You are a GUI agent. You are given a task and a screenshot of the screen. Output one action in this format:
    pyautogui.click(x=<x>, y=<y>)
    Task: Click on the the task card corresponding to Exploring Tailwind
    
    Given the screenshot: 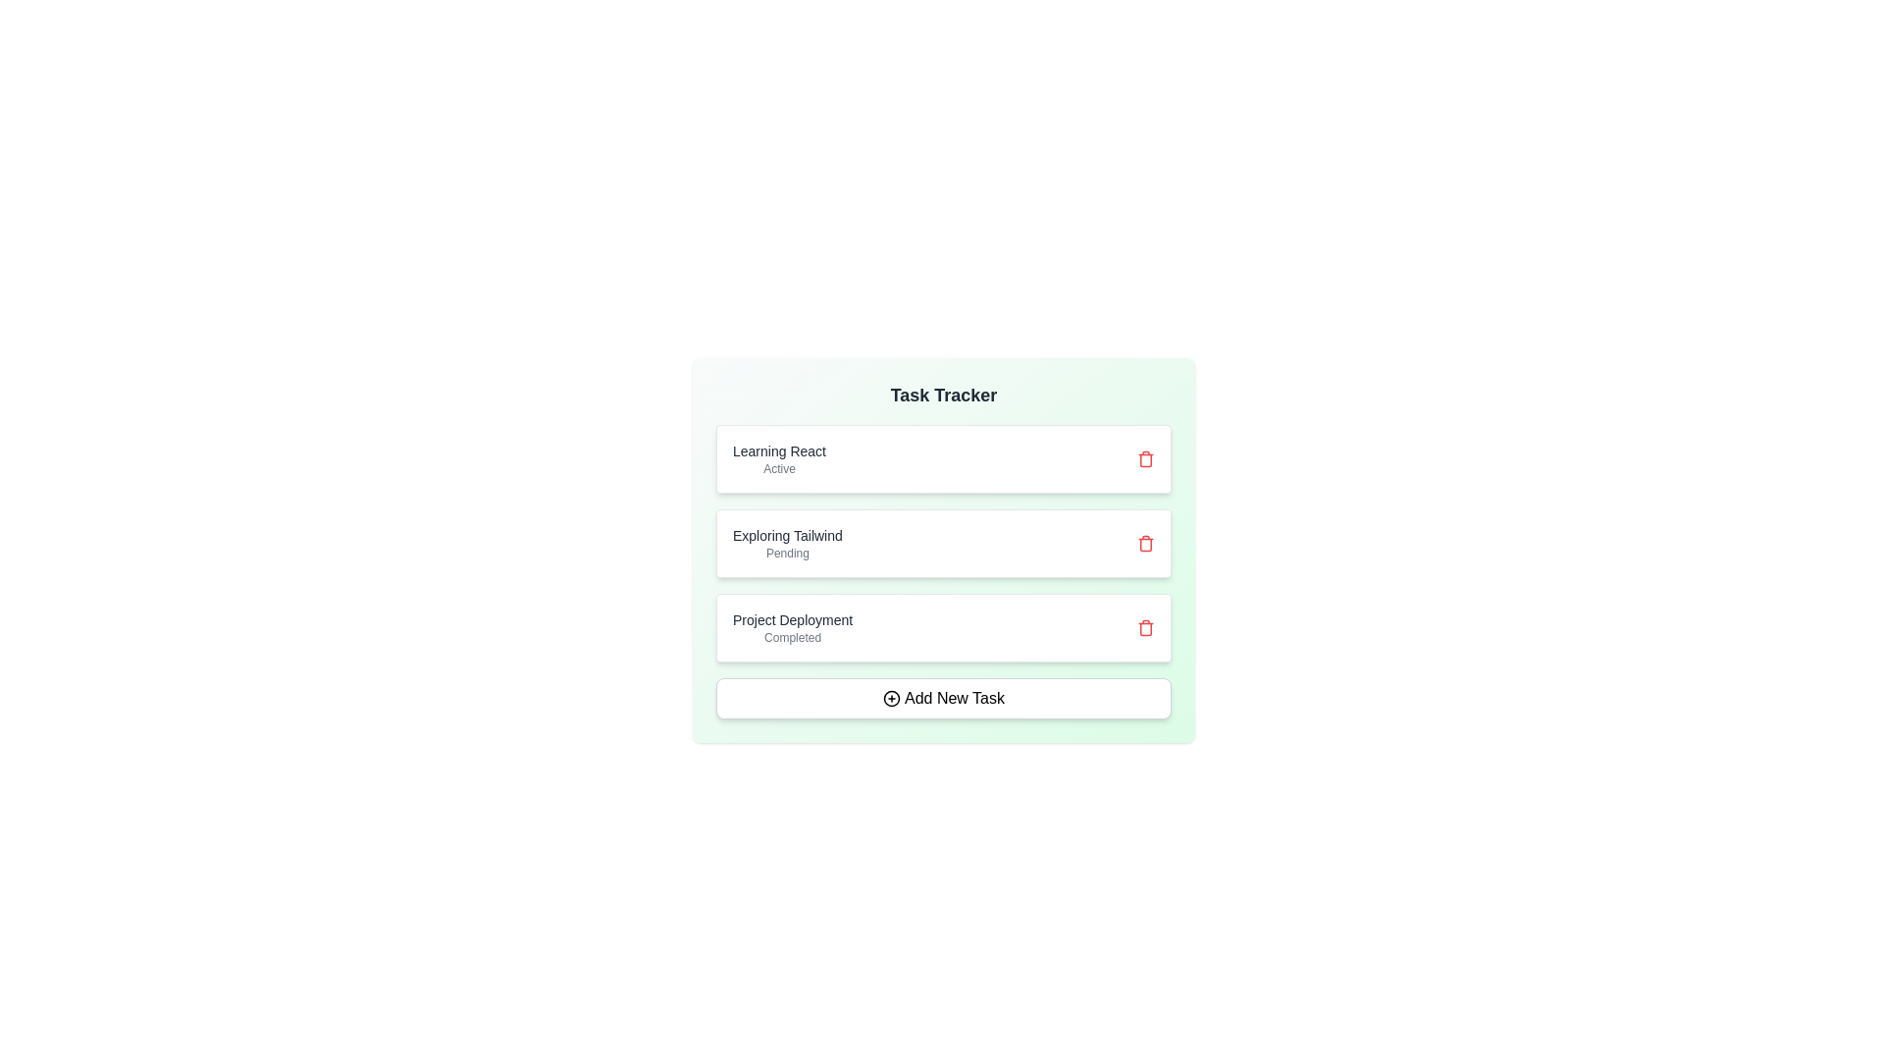 What is the action you would take?
    pyautogui.click(x=943, y=544)
    